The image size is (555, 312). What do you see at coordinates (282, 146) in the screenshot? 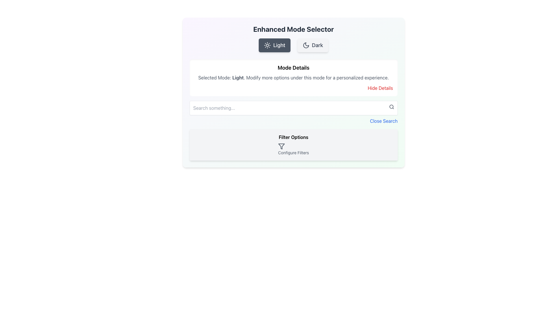
I see `the filter icon, which resembles an inverted triangle with horizontal lines, located to the left of the 'Configure Filters' text link` at bounding box center [282, 146].